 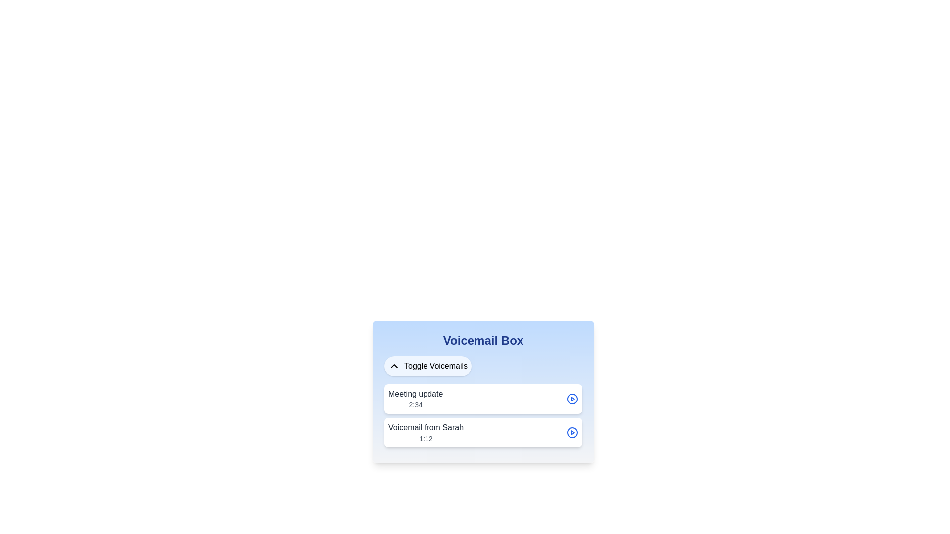 I want to click on the static text label for the voicemail item that displays the title 'Meeting update' and duration '2:34', located at the upper section of the card-like component, so click(x=416, y=398).